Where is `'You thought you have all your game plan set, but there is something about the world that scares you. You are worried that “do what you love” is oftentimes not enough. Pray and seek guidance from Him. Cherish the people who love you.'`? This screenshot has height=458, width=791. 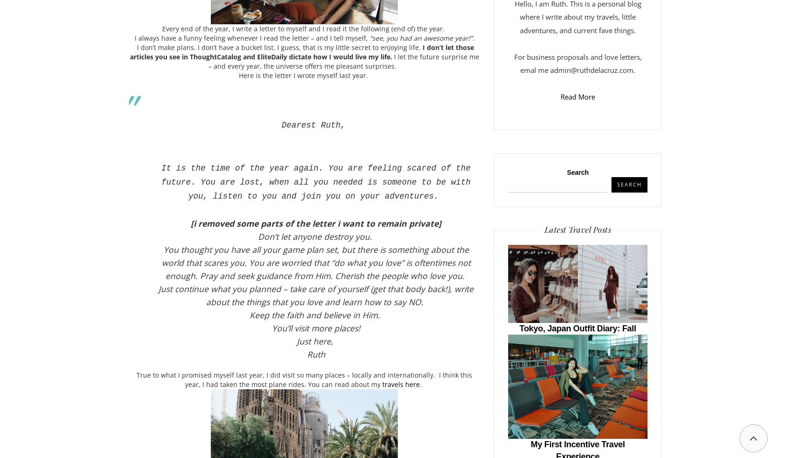 'You thought you have all your game plan set, but there is something about the world that scares you. You are worried that “do what you love” is oftentimes not enough. Pray and seek guidance from Him. Cherish the people who love you.' is located at coordinates (316, 262).